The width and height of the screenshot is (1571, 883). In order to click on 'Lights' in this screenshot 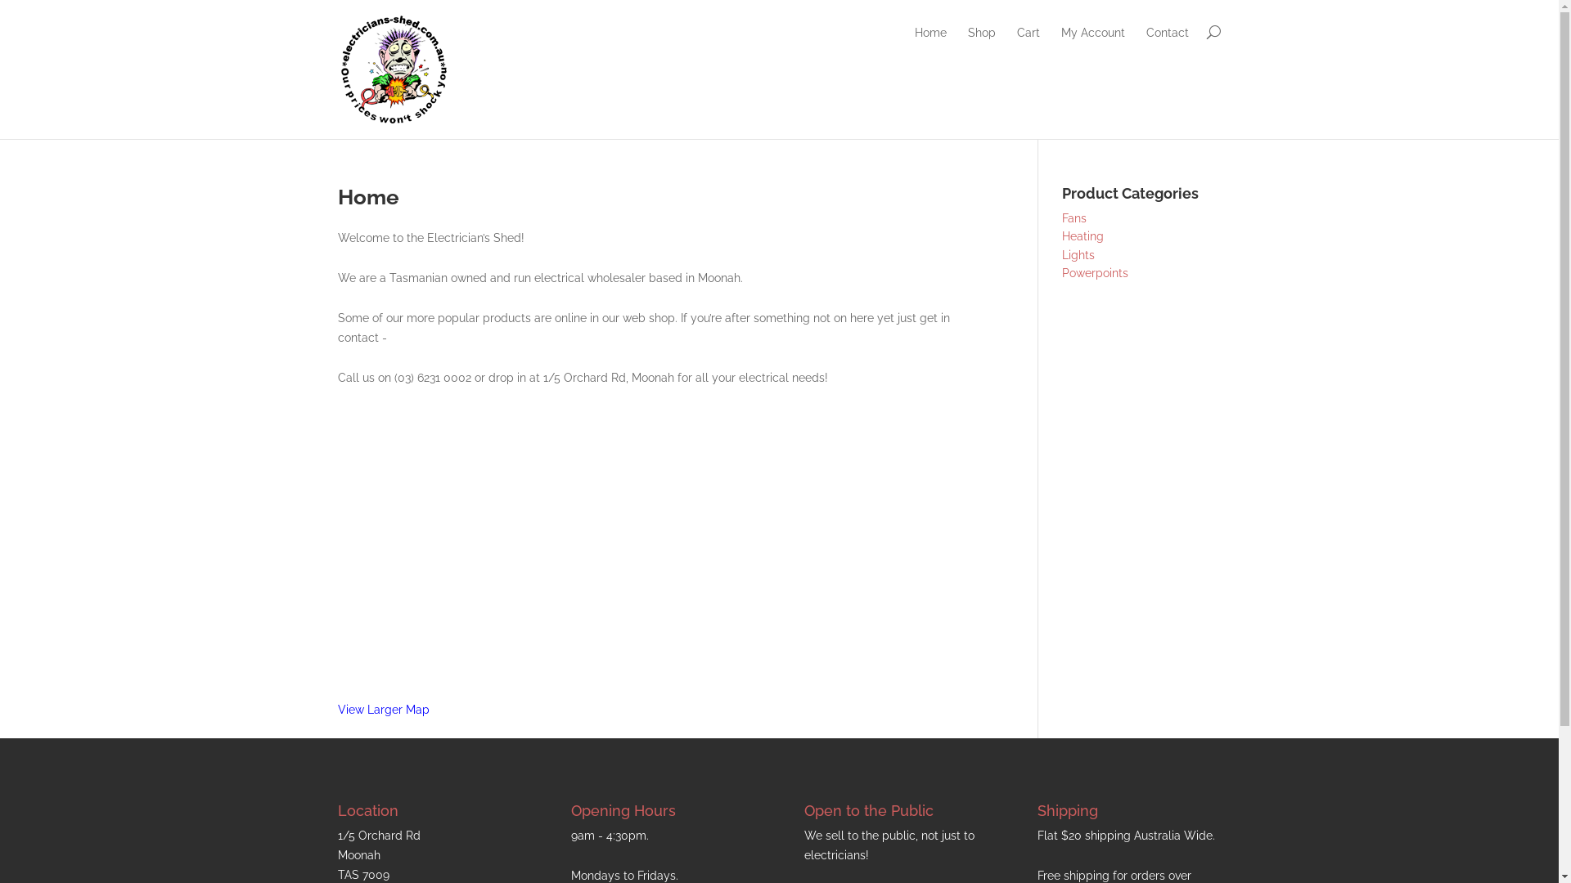, I will do `click(1078, 255)`.